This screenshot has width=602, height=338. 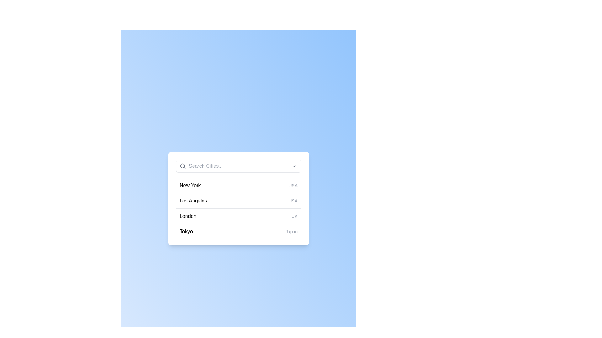 I want to click on the static text label that provides details about the country associated with 'Los Angeles', located at the right end of the row labeled 'Los Angeles', so click(x=293, y=201).